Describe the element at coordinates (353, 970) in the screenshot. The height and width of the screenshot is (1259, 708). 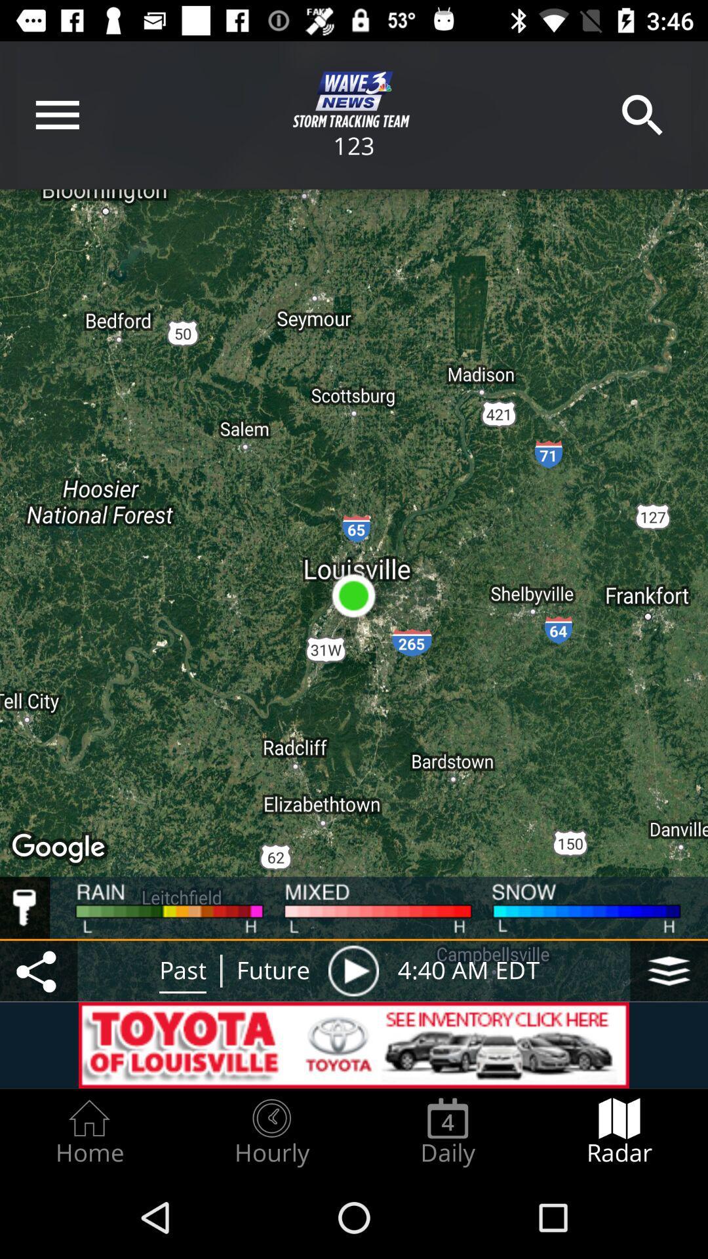
I see `item next to future` at that location.